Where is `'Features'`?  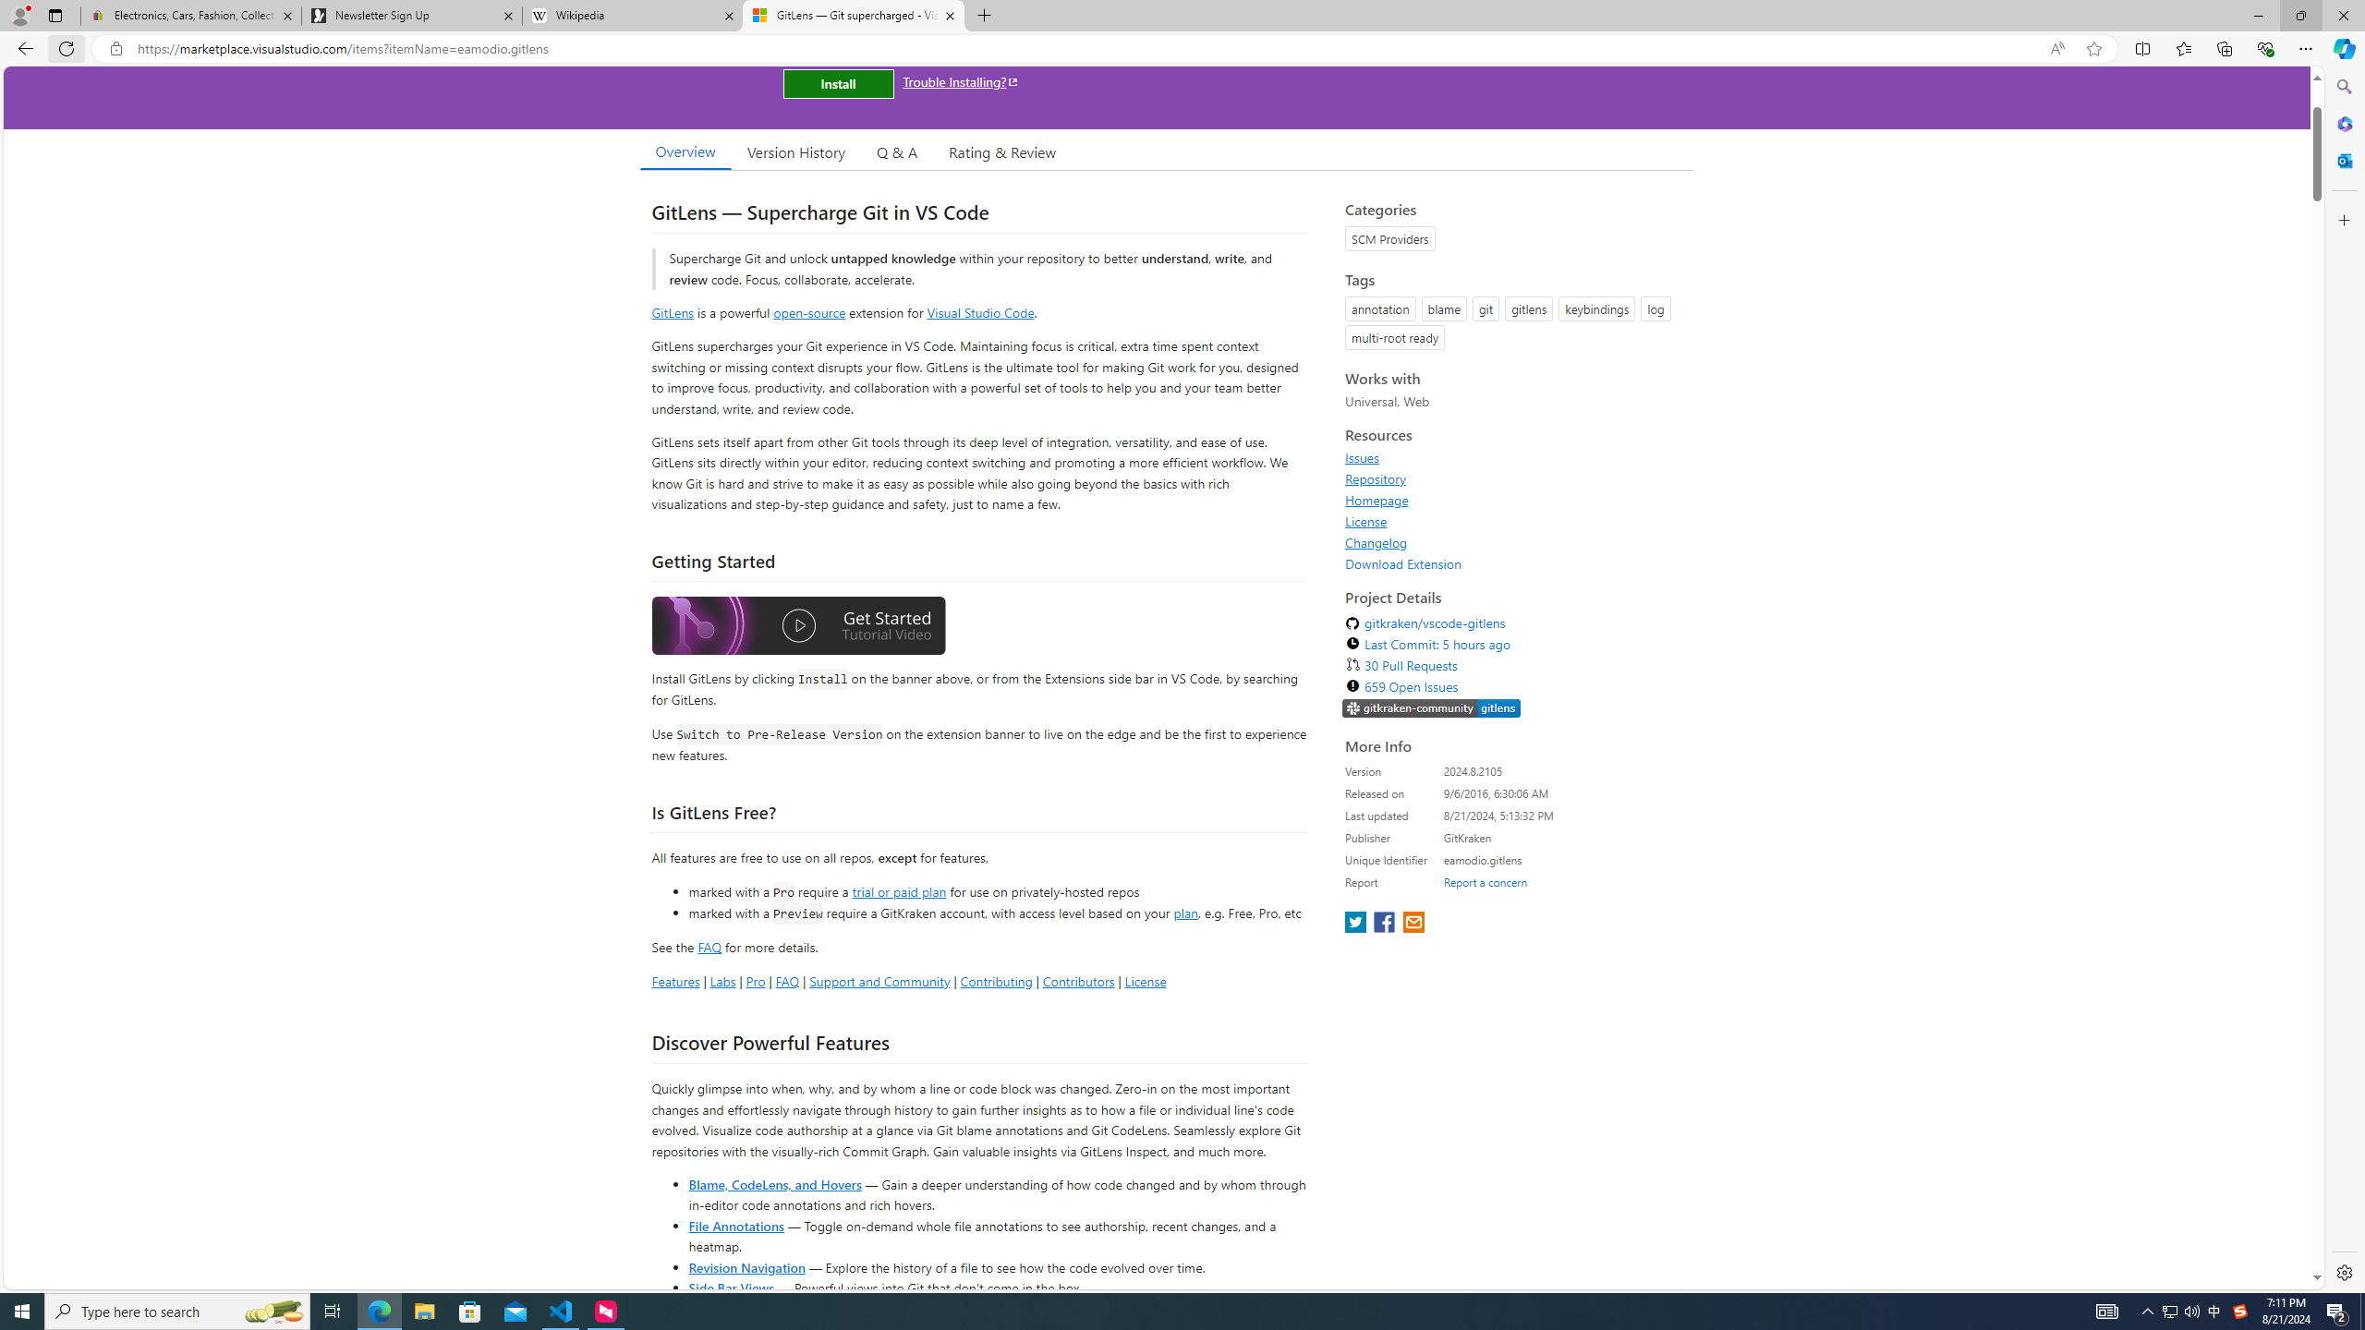 'Features' is located at coordinates (673, 980).